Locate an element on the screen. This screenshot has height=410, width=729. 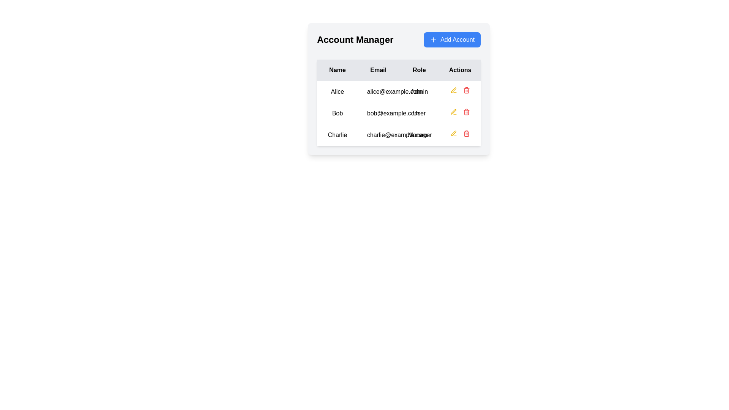
the text label displaying the user's name, located in the first row of the table under the 'Name' column, to the left of 'alice@example.com' and 'Admin' is located at coordinates (337, 91).